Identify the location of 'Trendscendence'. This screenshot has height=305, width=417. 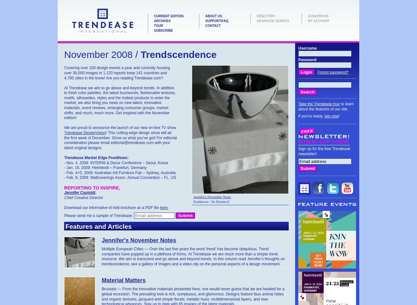
(177, 54).